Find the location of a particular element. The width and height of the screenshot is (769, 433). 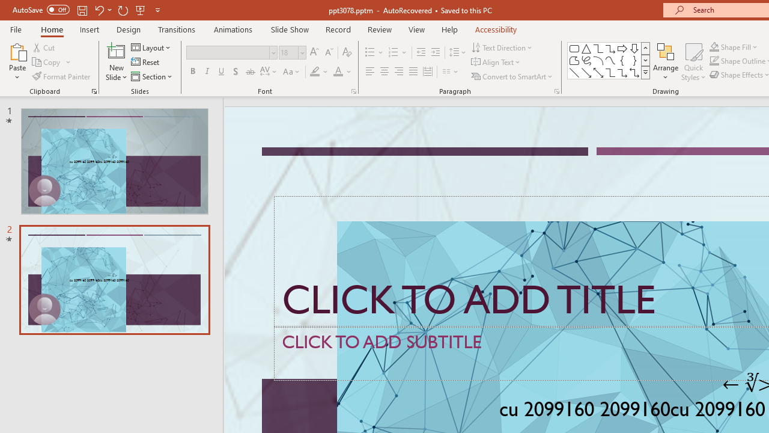

'Line Arrow: Double' is located at coordinates (598, 72).